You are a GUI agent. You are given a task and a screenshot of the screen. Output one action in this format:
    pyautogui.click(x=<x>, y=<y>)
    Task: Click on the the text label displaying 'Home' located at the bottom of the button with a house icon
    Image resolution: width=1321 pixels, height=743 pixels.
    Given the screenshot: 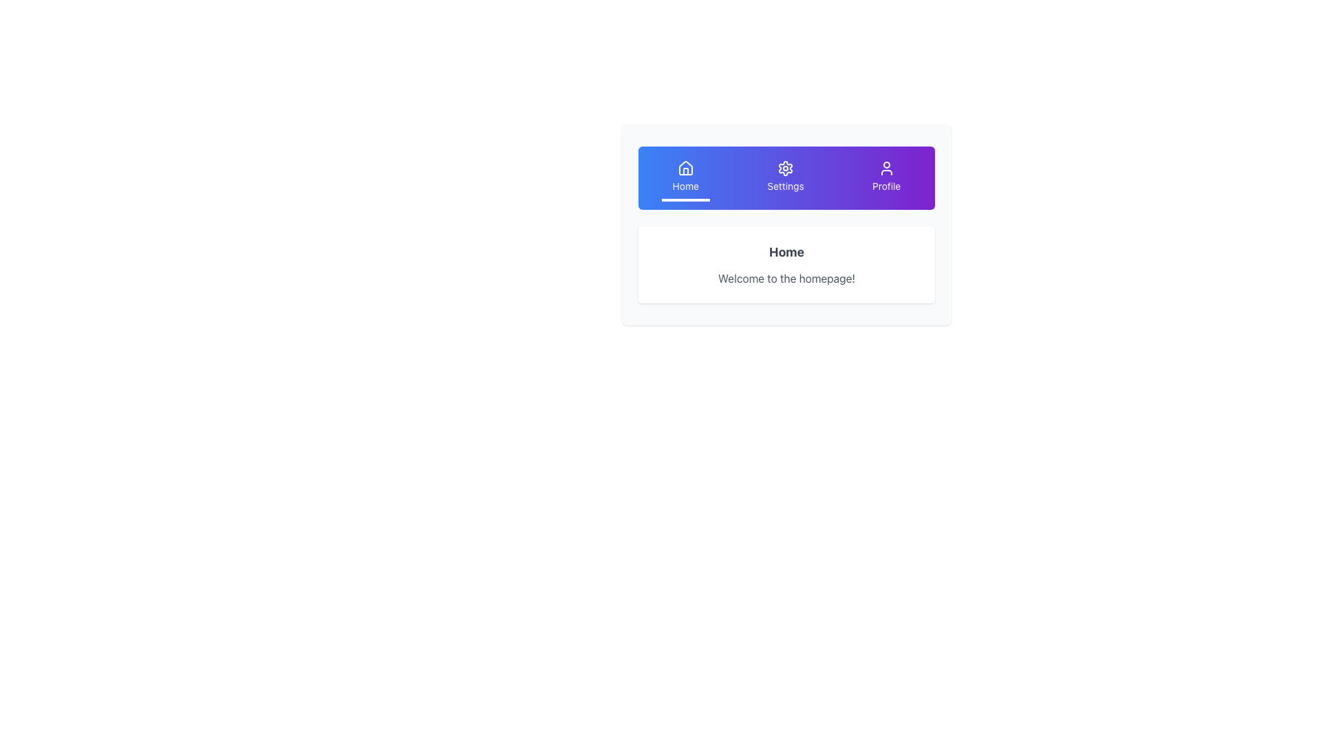 What is the action you would take?
    pyautogui.click(x=685, y=186)
    